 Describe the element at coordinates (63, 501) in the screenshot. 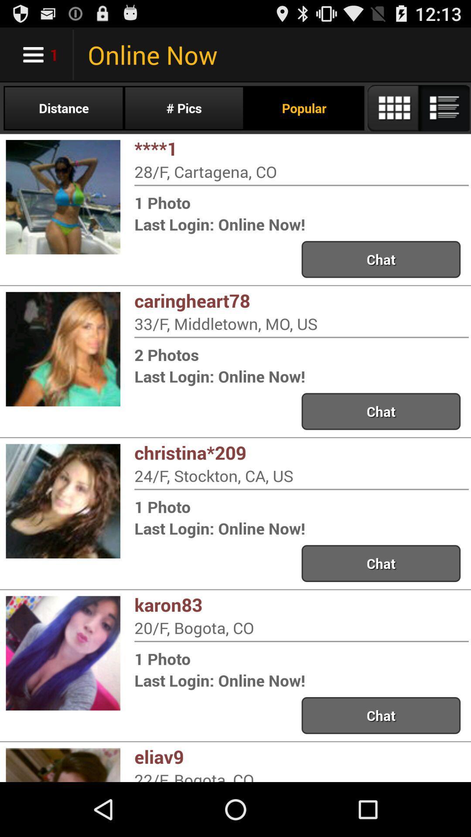

I see `left of third option` at that location.